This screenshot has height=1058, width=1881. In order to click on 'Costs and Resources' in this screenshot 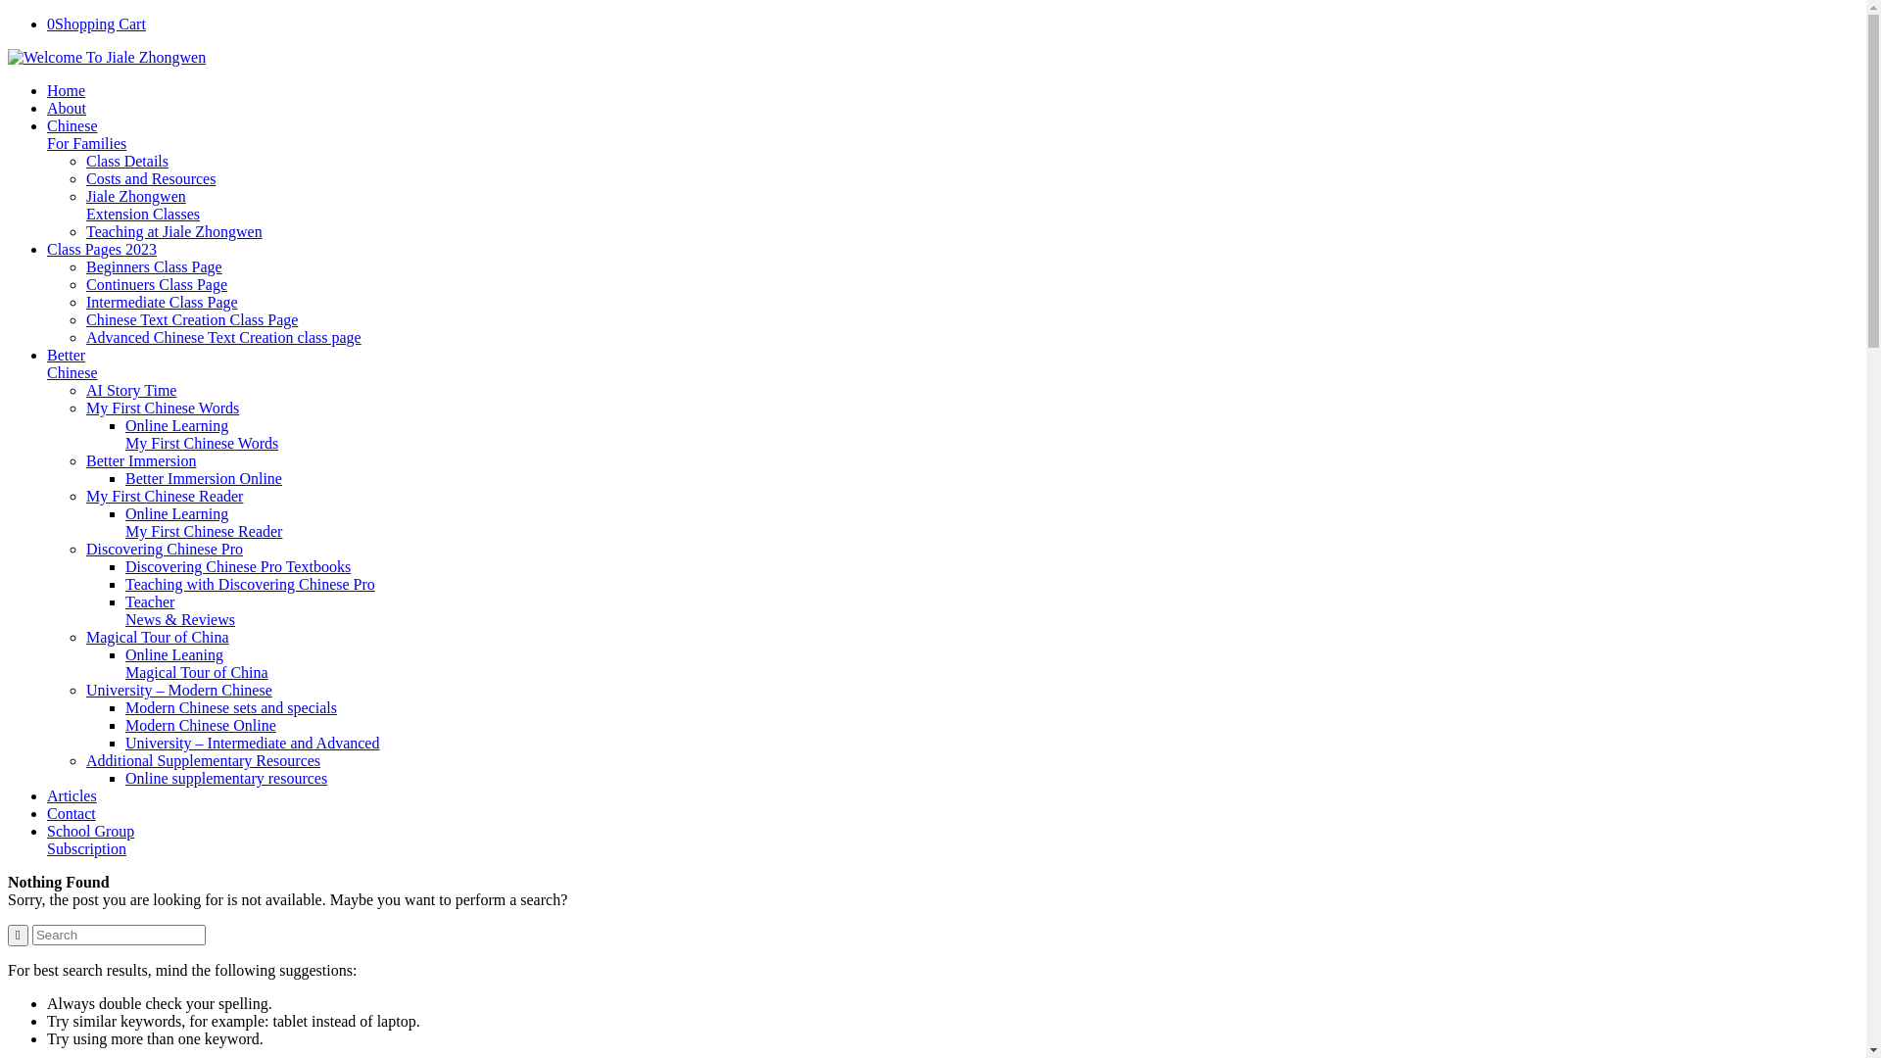, I will do `click(149, 178)`.